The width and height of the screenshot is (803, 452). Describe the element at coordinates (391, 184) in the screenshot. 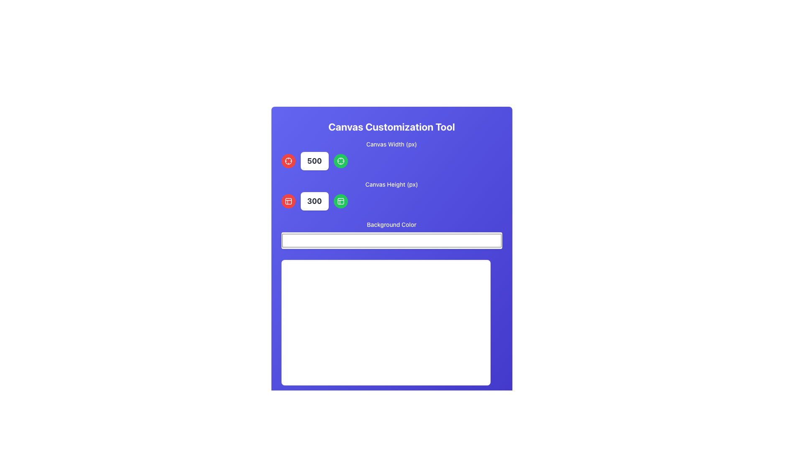

I see `the Text Label that indicates the input field for setting the canvas height in pixels, which is positioned below the 'Canvas Width (px)' section and above the 'Background Color' input area` at that location.